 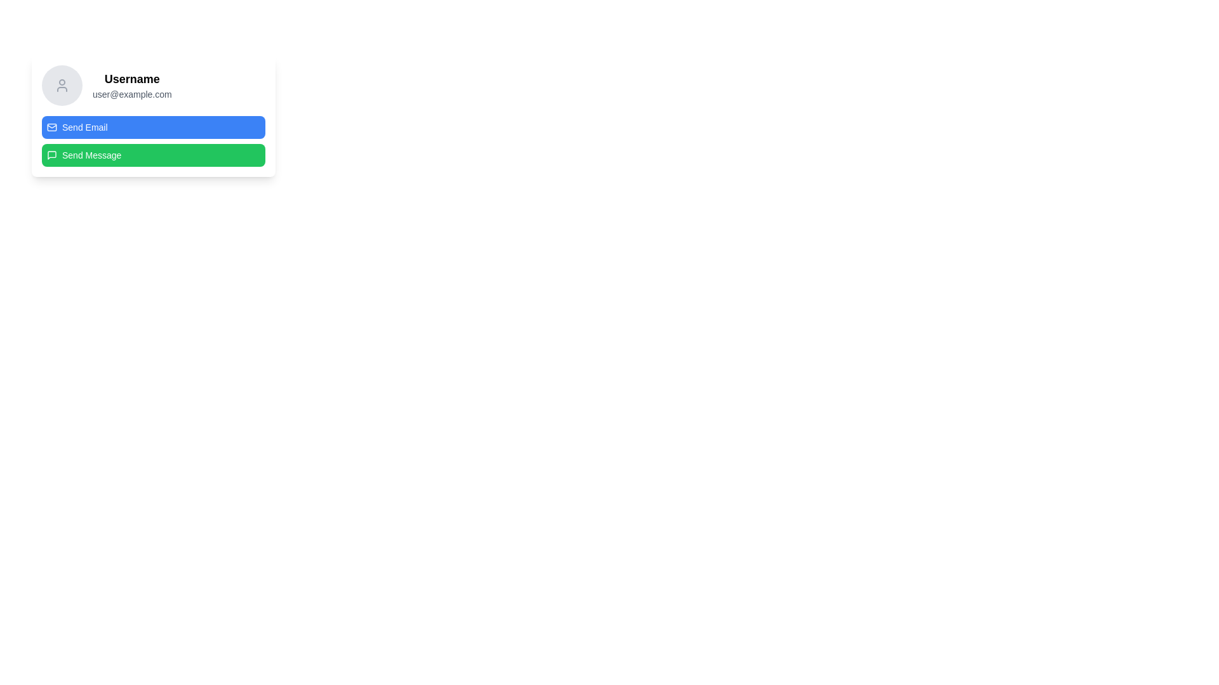 What do you see at coordinates (51, 155) in the screenshot?
I see `the green 'Send Message' button to initiate the messaging function, which is represented by the SVG icon located at the leftmost side of the button` at bounding box center [51, 155].